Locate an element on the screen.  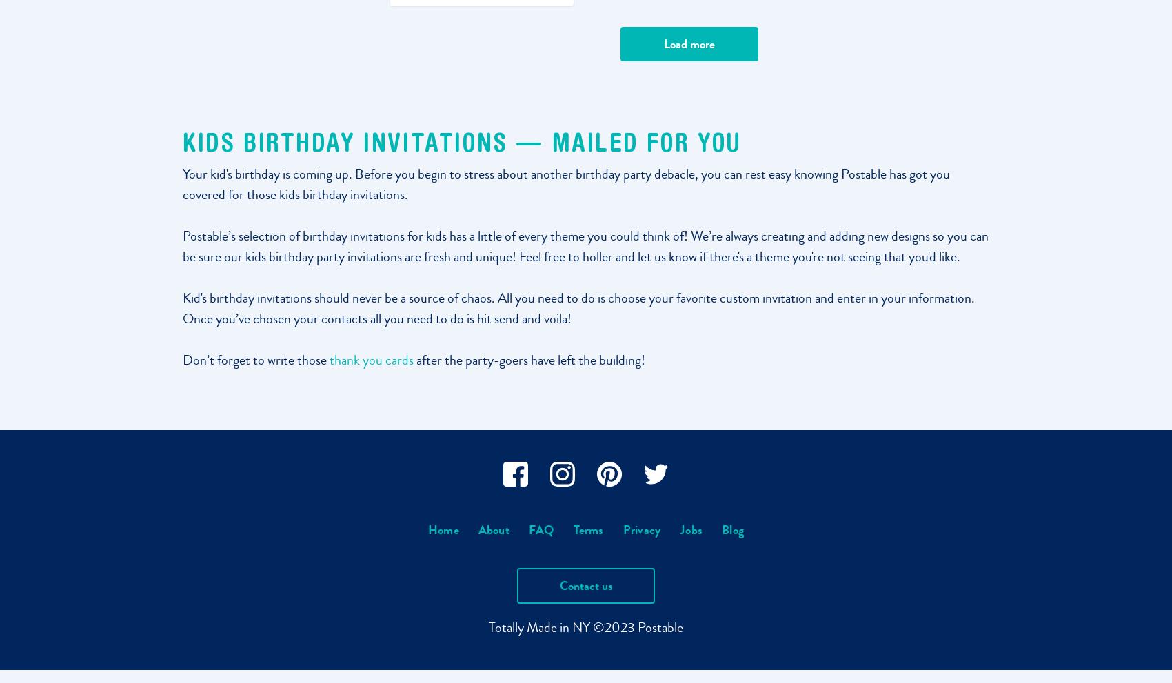
'Made in NY' is located at coordinates (558, 626).